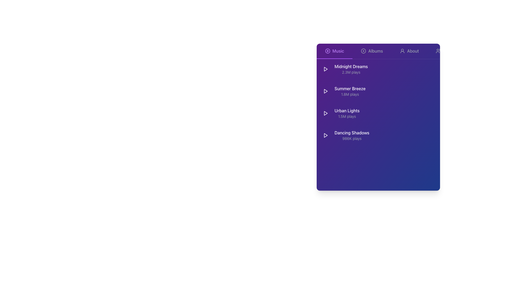 The width and height of the screenshot is (505, 284). What do you see at coordinates (325, 91) in the screenshot?
I see `the play button for the track 'Summer Breeze'` at bounding box center [325, 91].